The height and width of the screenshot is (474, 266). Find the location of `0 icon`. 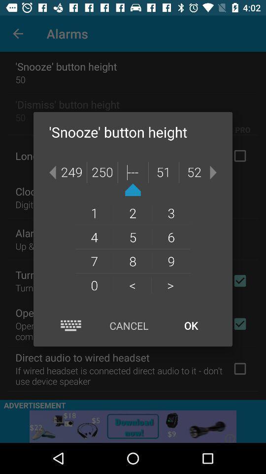

0 icon is located at coordinates (94, 285).